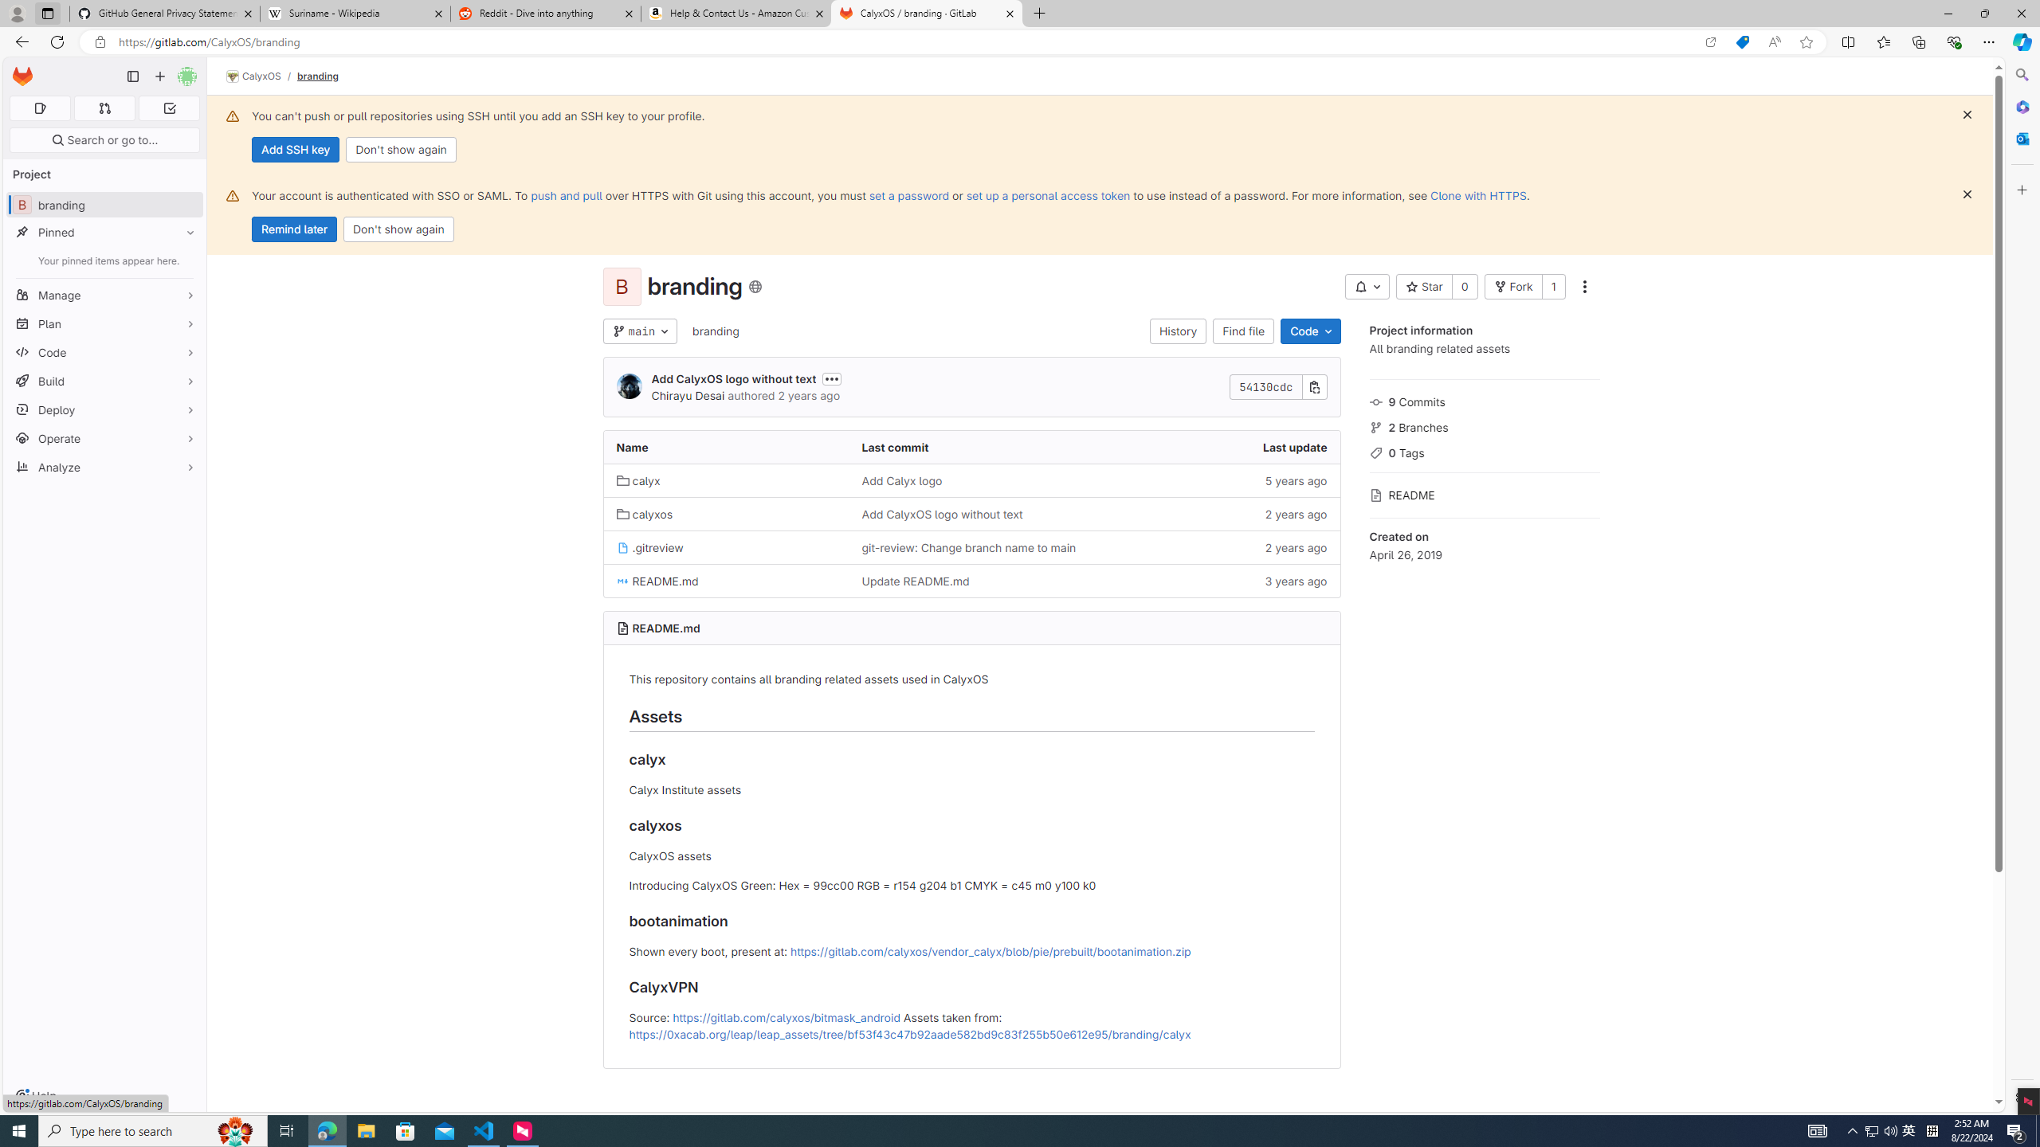 This screenshot has width=2040, height=1147. What do you see at coordinates (1216, 448) in the screenshot?
I see `'Last update'` at bounding box center [1216, 448].